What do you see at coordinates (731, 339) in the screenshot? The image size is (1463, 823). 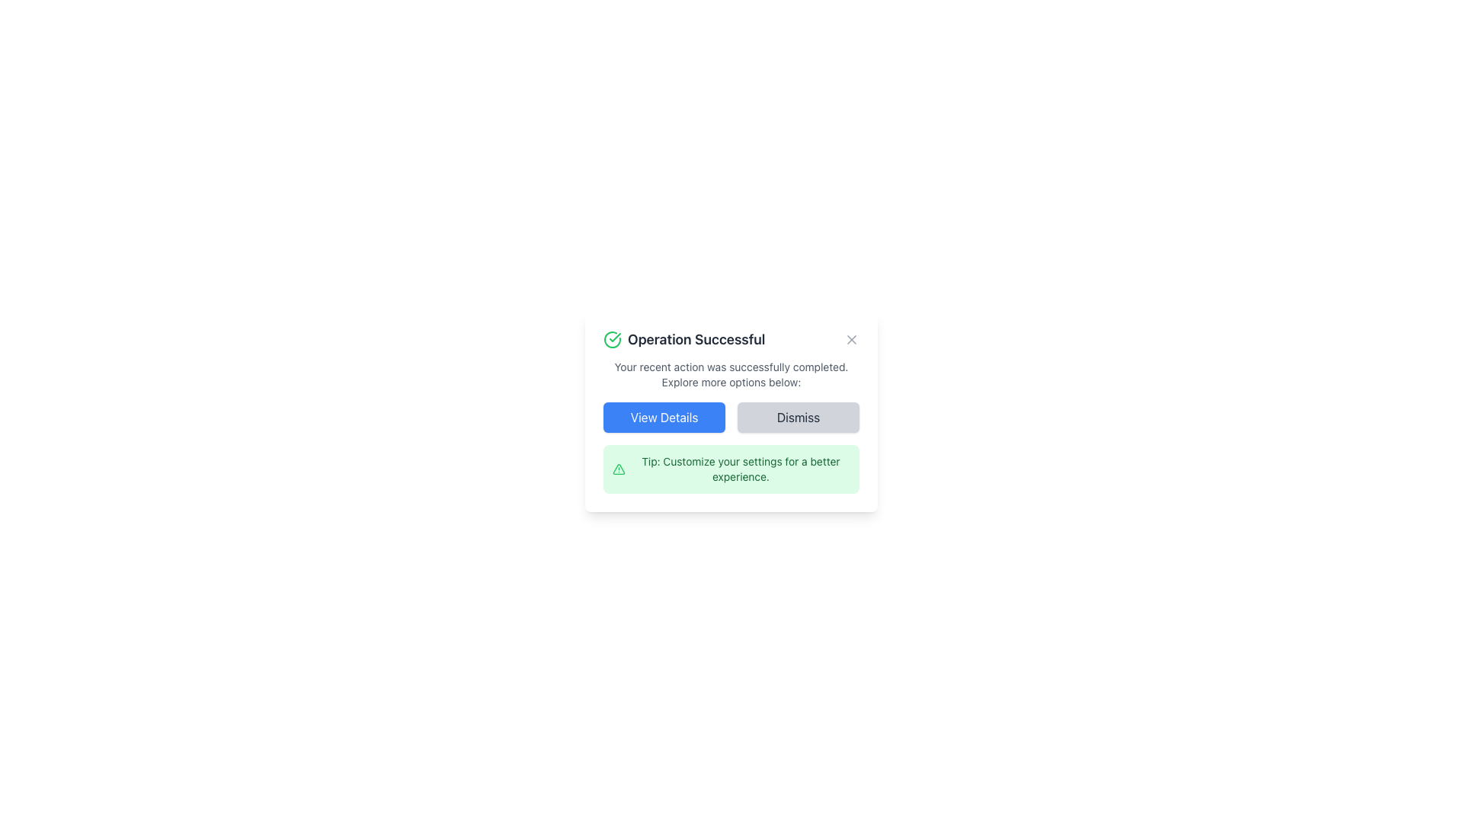 I see `success message from the Notification Header that contains the text 'Operation Successful'` at bounding box center [731, 339].